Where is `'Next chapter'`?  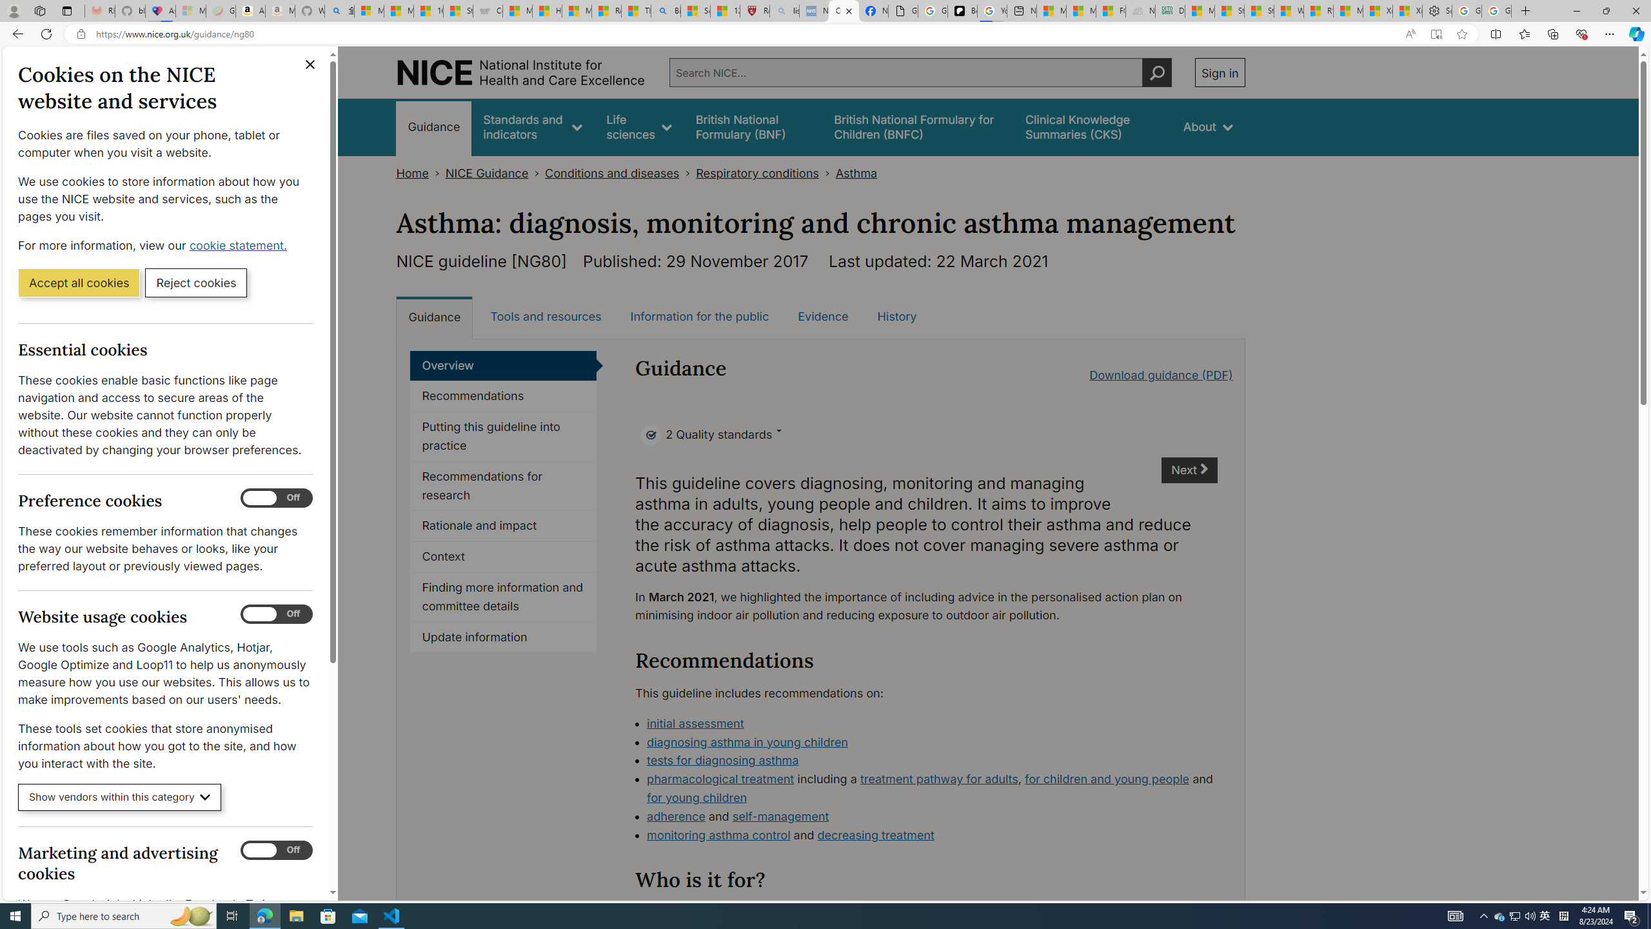 'Next chapter' is located at coordinates (1189, 470).